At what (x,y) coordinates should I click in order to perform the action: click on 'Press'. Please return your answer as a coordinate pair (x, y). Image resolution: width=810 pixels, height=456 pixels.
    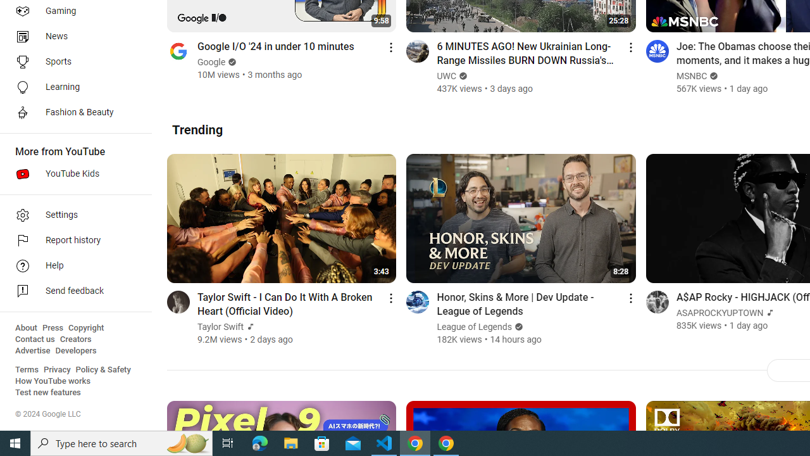
    Looking at the image, I should click on (52, 327).